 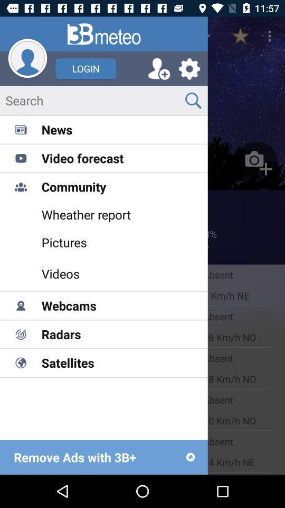 I want to click on the photo icon, so click(x=256, y=162).